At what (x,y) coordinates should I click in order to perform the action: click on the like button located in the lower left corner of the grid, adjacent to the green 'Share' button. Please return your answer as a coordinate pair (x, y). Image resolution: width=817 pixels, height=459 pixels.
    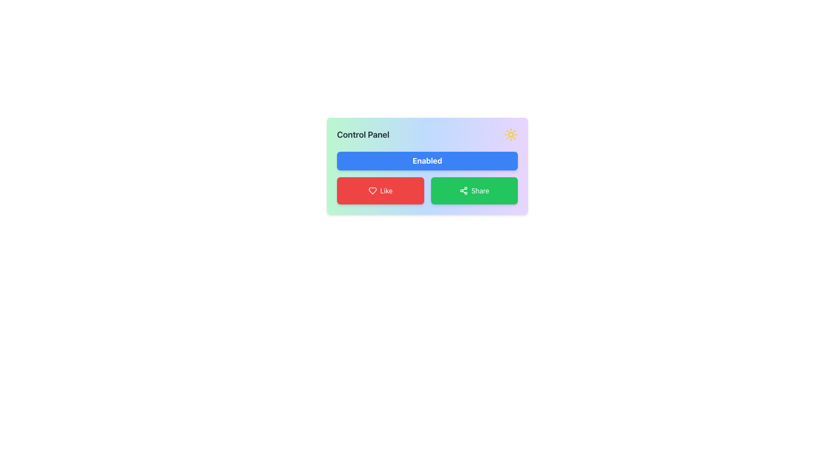
    Looking at the image, I should click on (380, 190).